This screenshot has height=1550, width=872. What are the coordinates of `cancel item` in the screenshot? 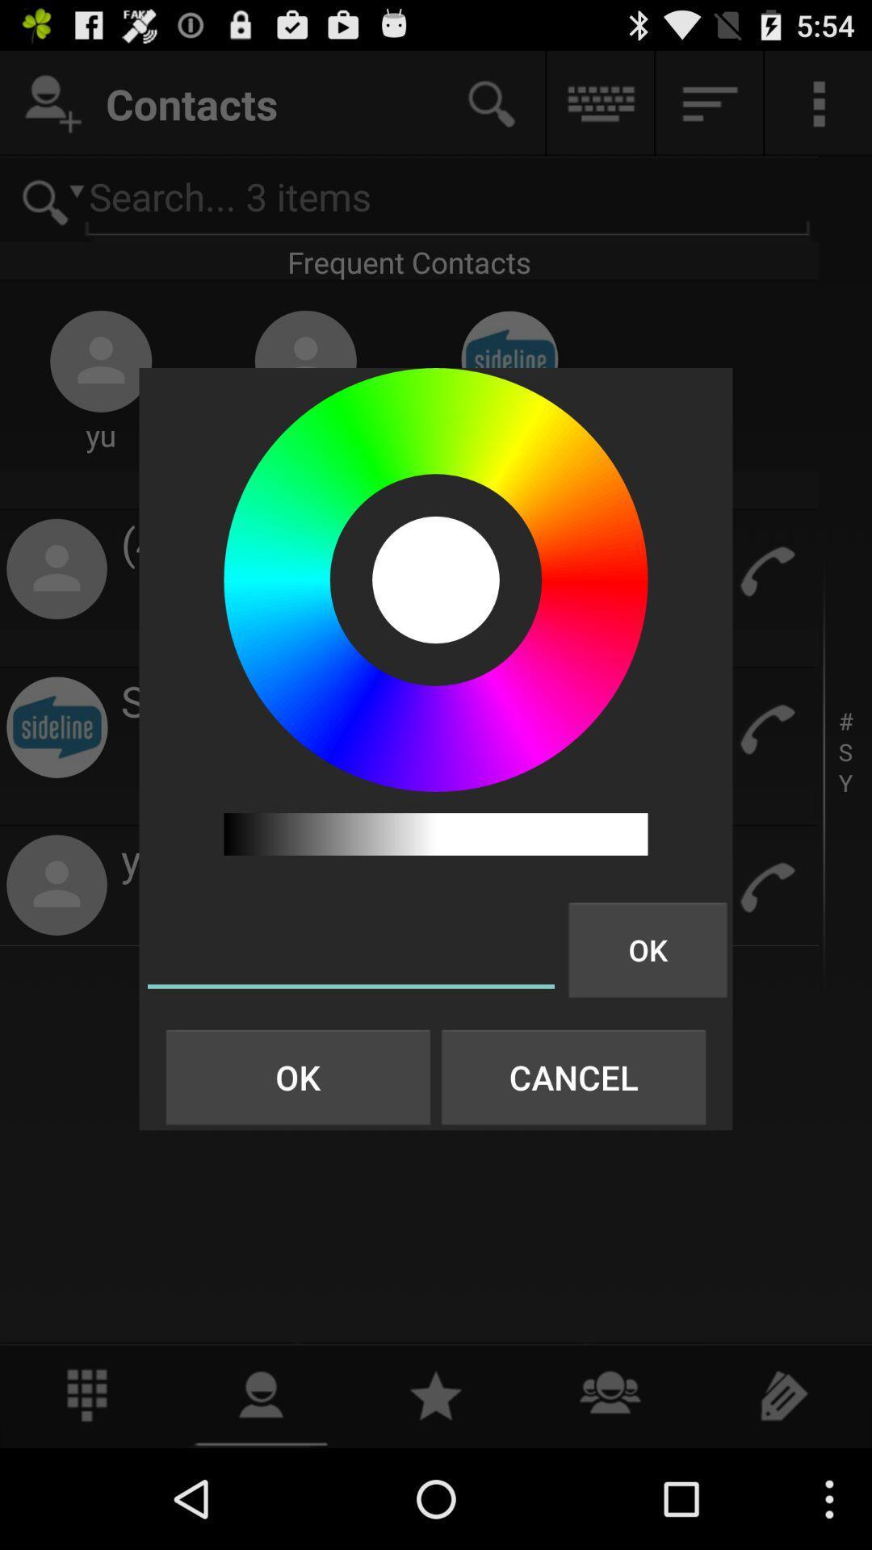 It's located at (572, 1077).